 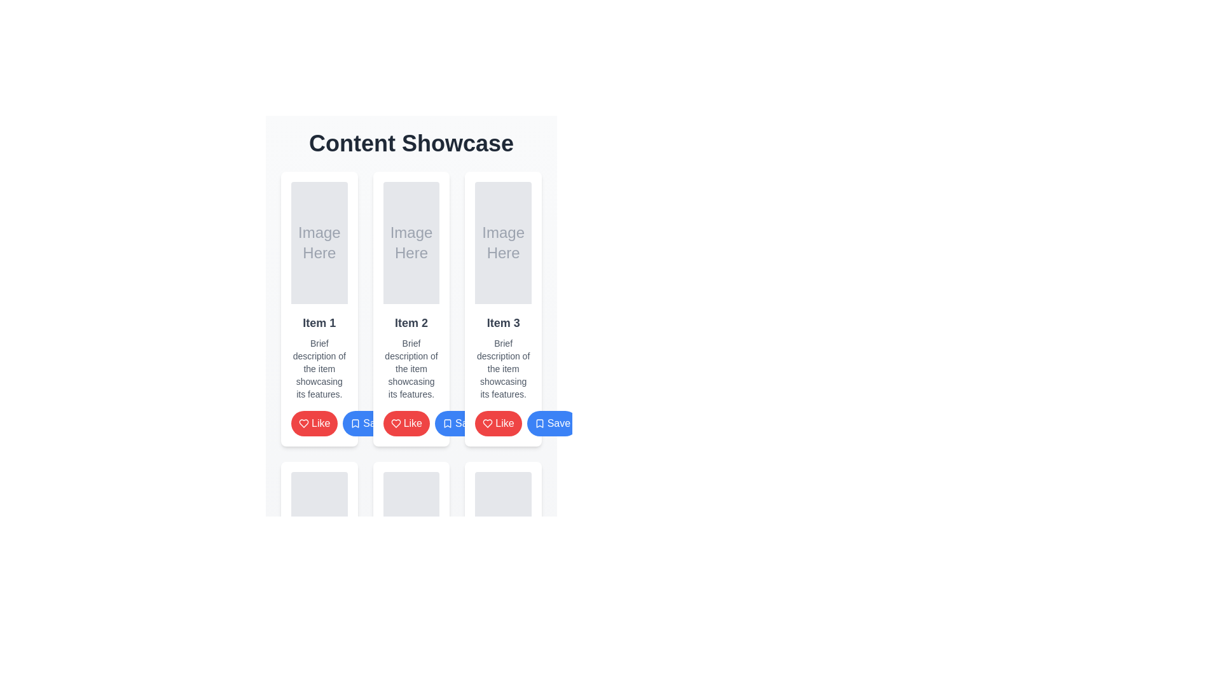 I want to click on the 'Like' icon button located on the left side of the blue 'Save' button in the lower section of the 'Item 3' card to express preference for the item, so click(x=487, y=424).